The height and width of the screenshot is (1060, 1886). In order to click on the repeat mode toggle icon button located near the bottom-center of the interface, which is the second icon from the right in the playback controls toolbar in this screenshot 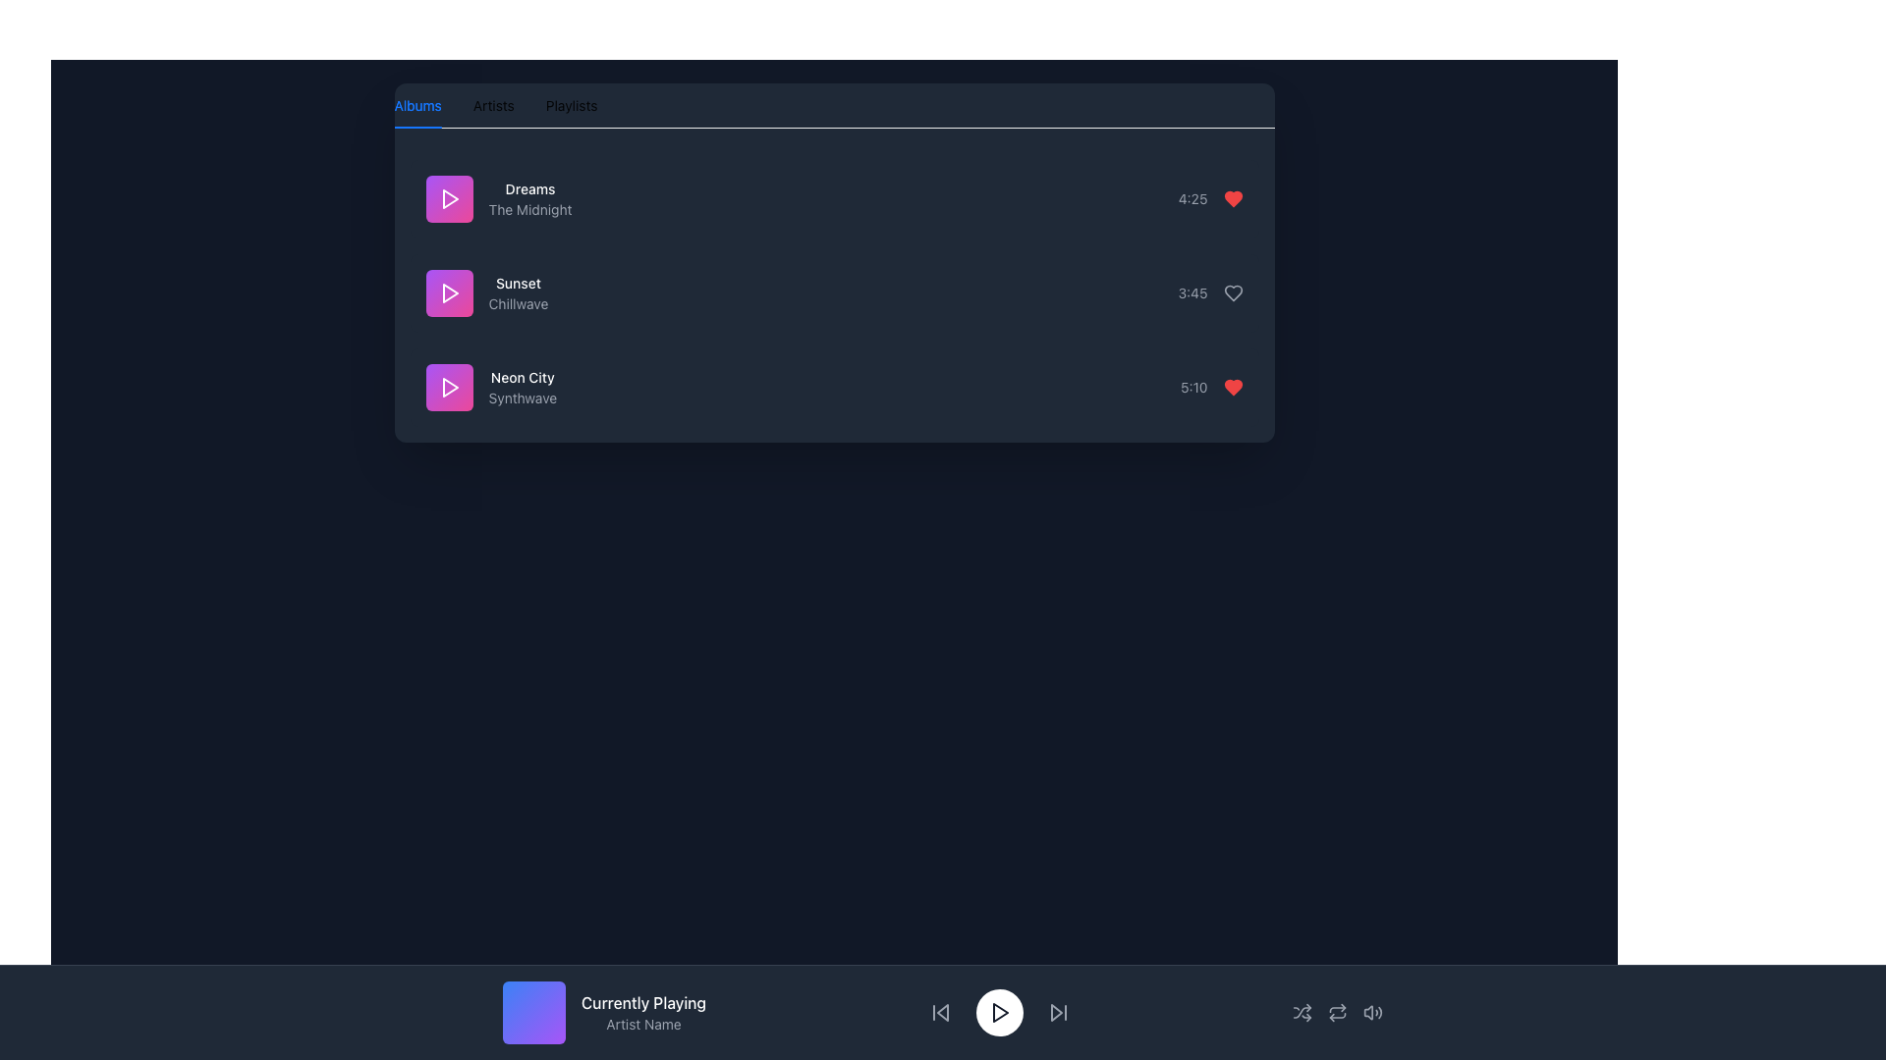, I will do `click(1337, 1013)`.